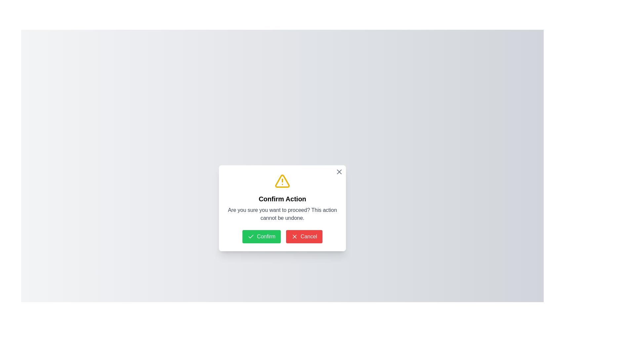 This screenshot has height=357, width=635. Describe the element at coordinates (339, 173) in the screenshot. I see `the close button located at the top-right corner of the modal dialog` at that location.